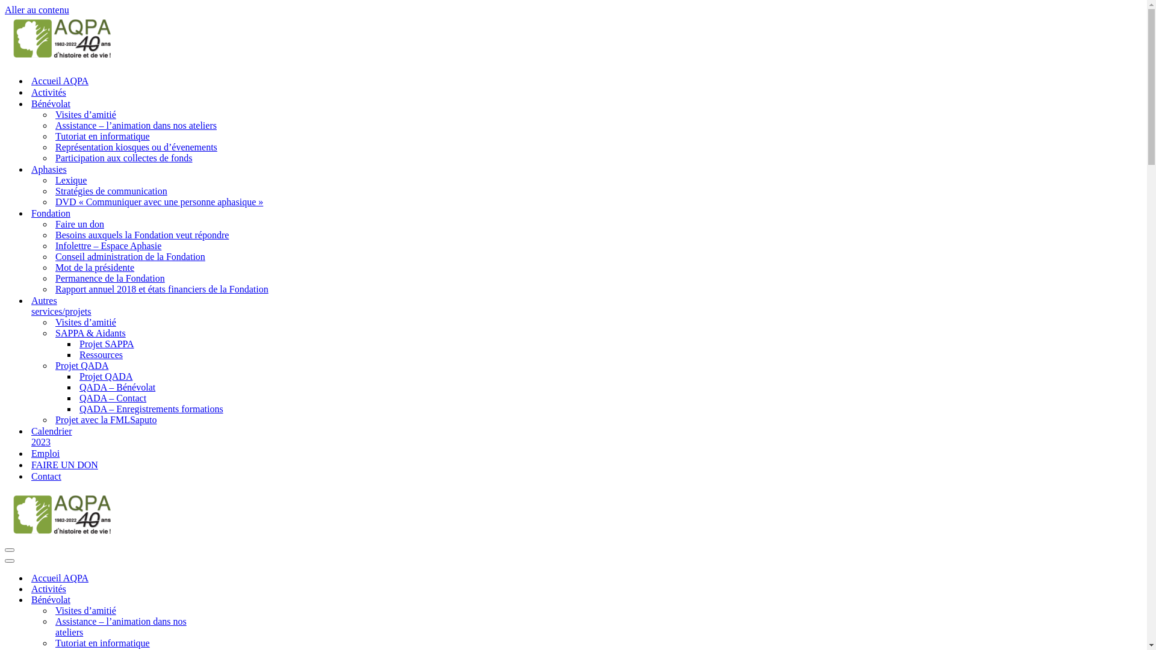 This screenshot has width=1156, height=650. Describe the element at coordinates (5, 561) in the screenshot. I see `'Menu de navigation'` at that location.